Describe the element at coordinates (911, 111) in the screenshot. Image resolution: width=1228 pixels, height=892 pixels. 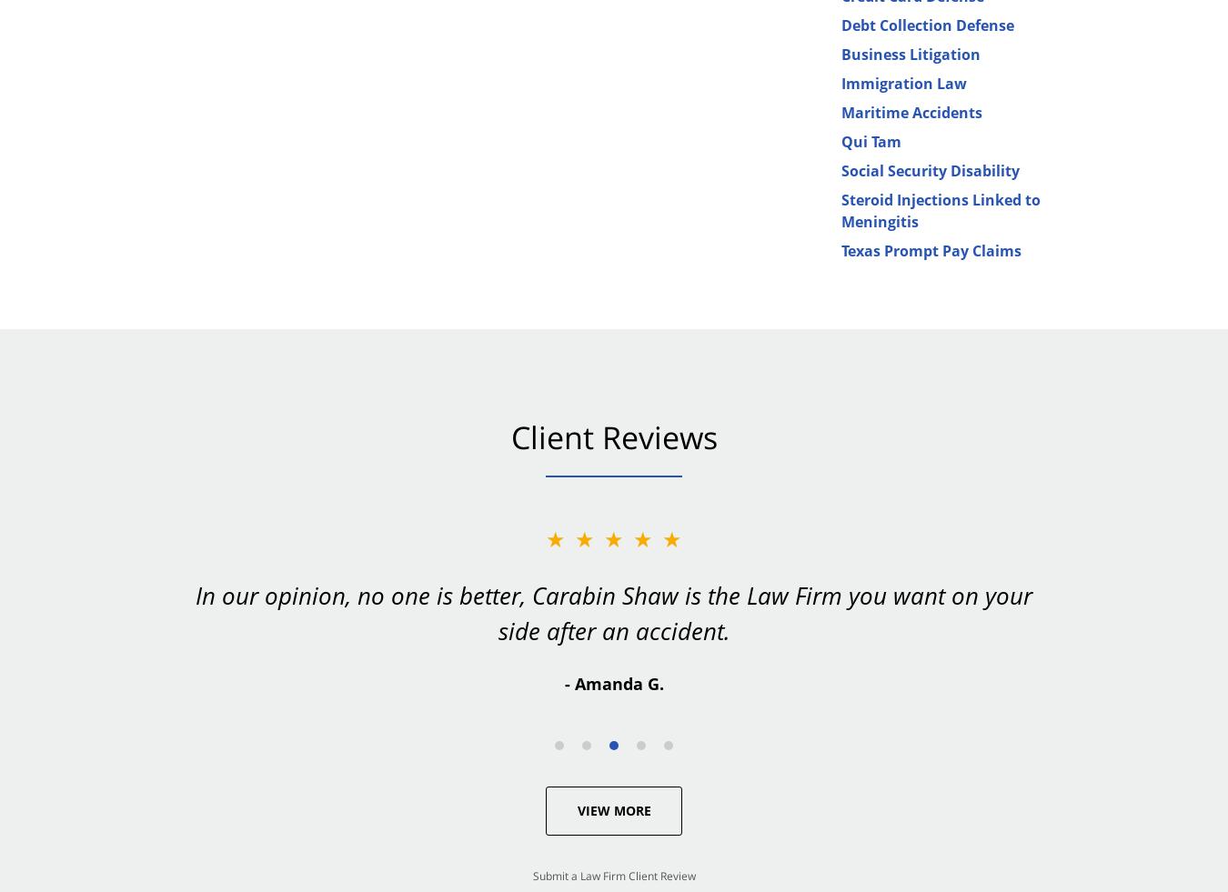
I see `'Maritime Accidents'` at that location.